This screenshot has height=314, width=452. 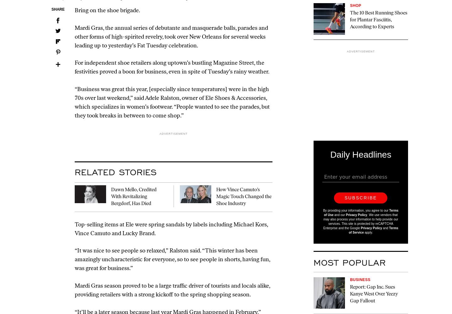 I want to click on 'Subscribe', so click(x=360, y=198).